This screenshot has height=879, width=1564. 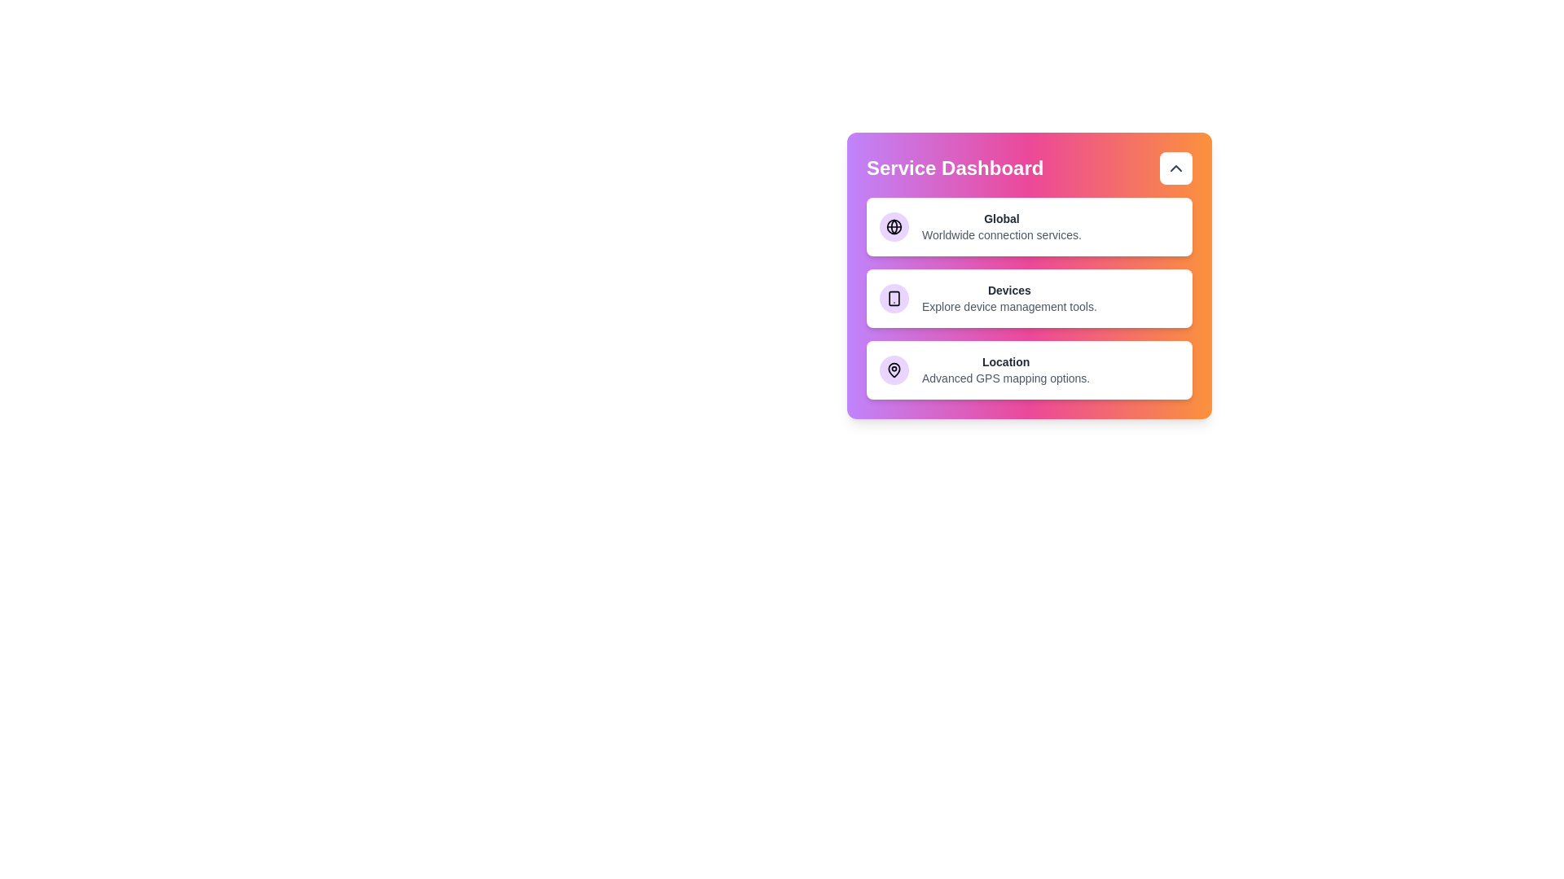 What do you see at coordinates (894, 298) in the screenshot?
I see `the icon associated with the Devices service card` at bounding box center [894, 298].